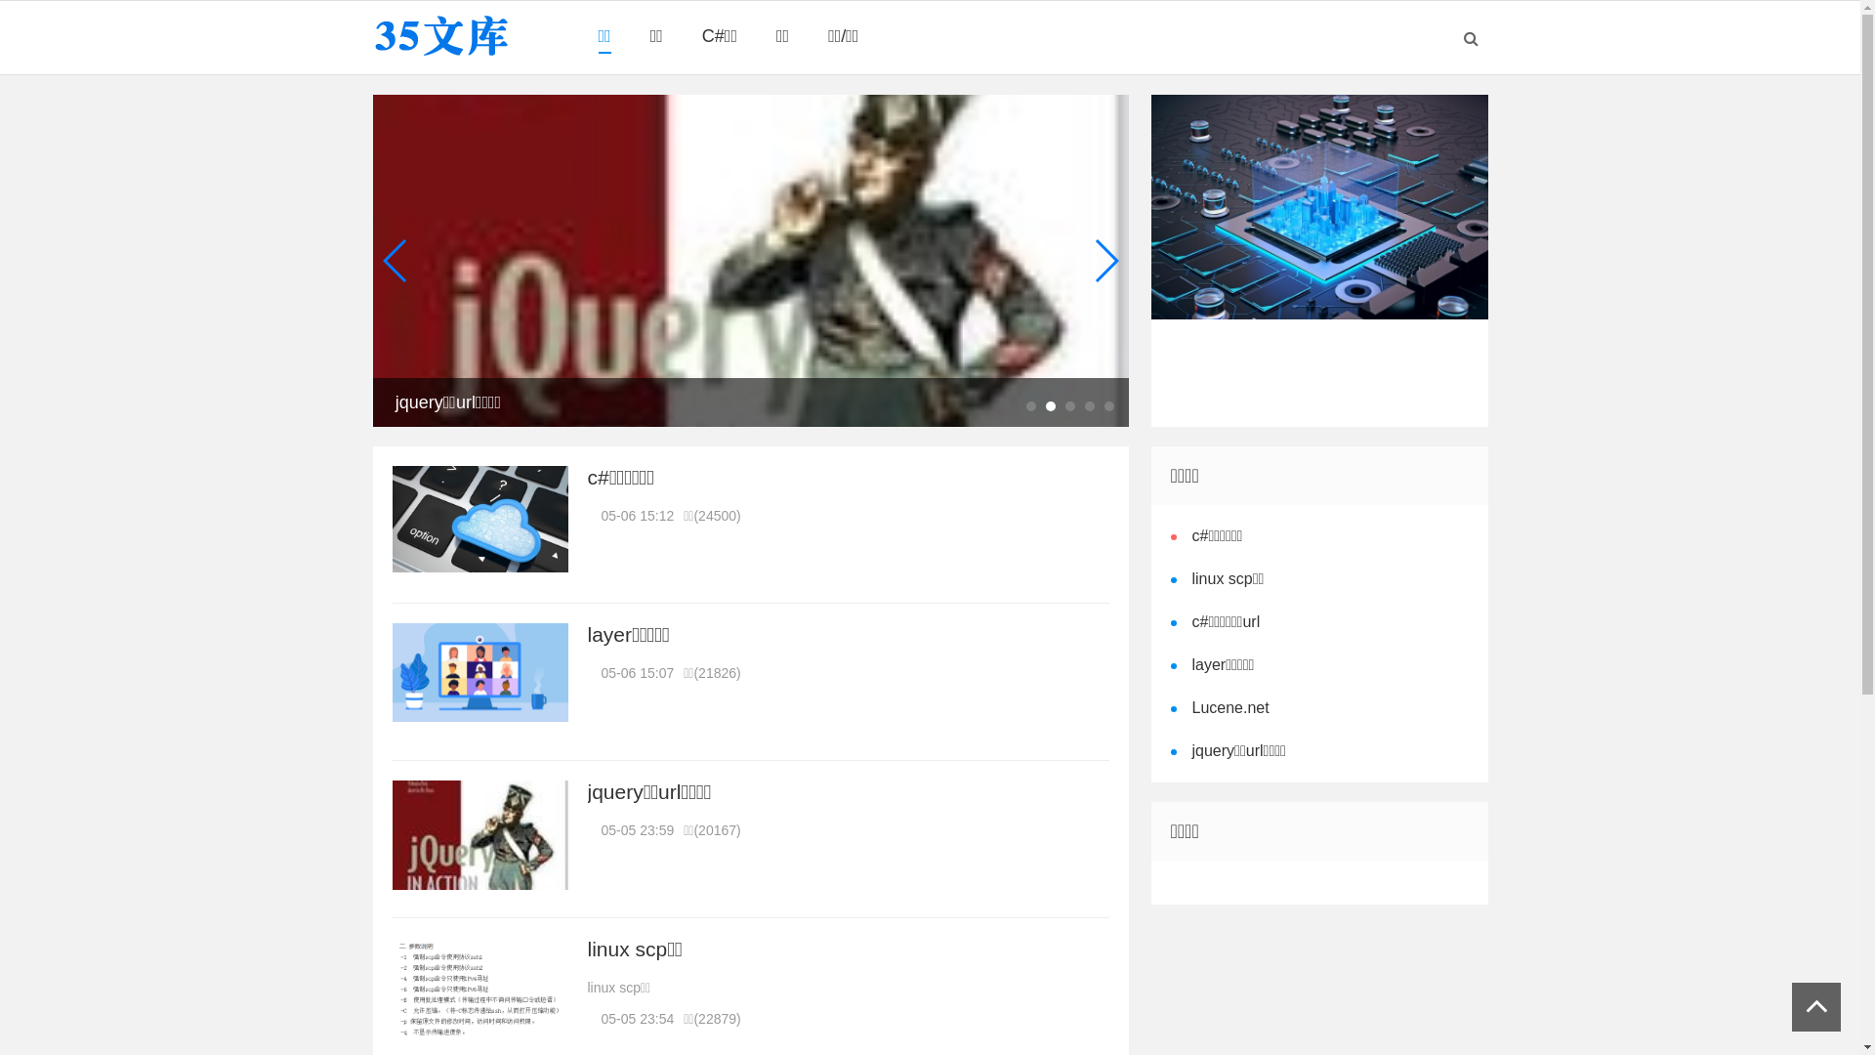  What do you see at coordinates (1226, 707) in the screenshot?
I see `'Lucene.net'` at bounding box center [1226, 707].